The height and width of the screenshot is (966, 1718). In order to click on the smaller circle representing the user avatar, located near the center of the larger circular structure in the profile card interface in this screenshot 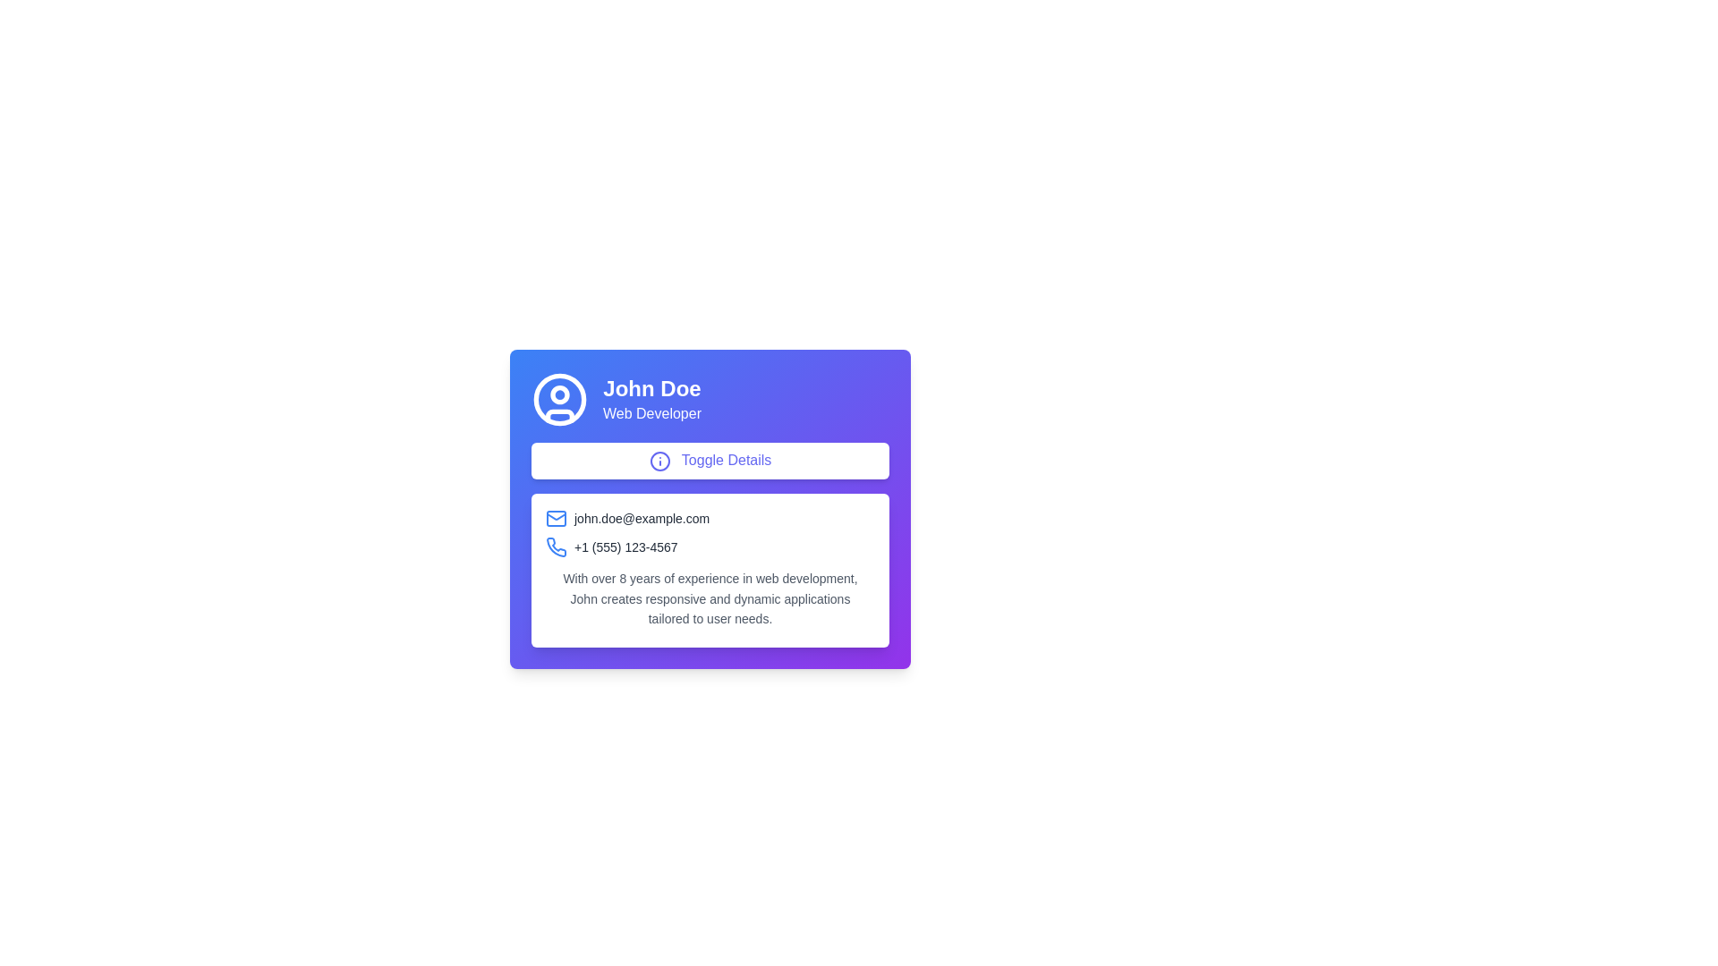, I will do `click(558, 393)`.